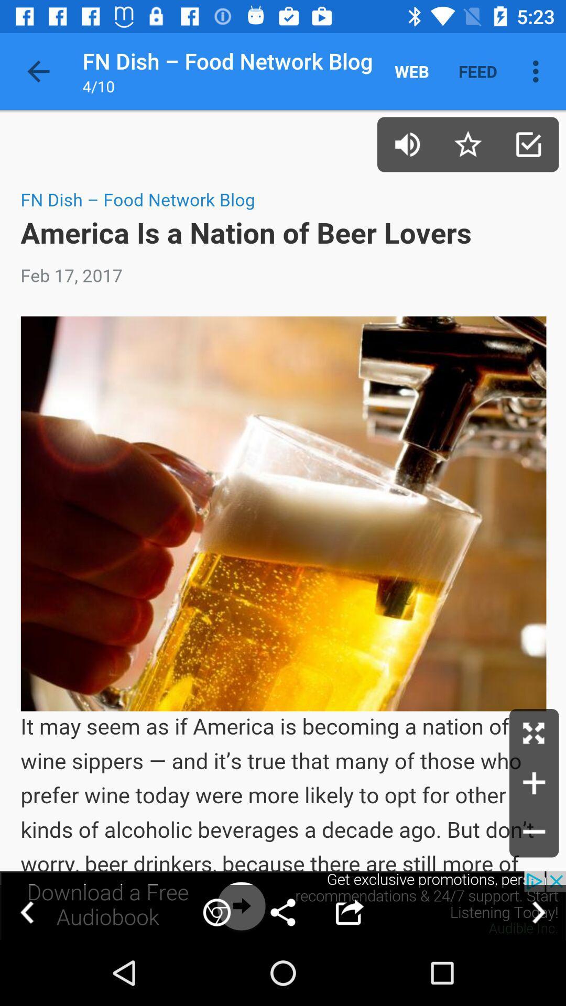  I want to click on the share icon, so click(283, 912).